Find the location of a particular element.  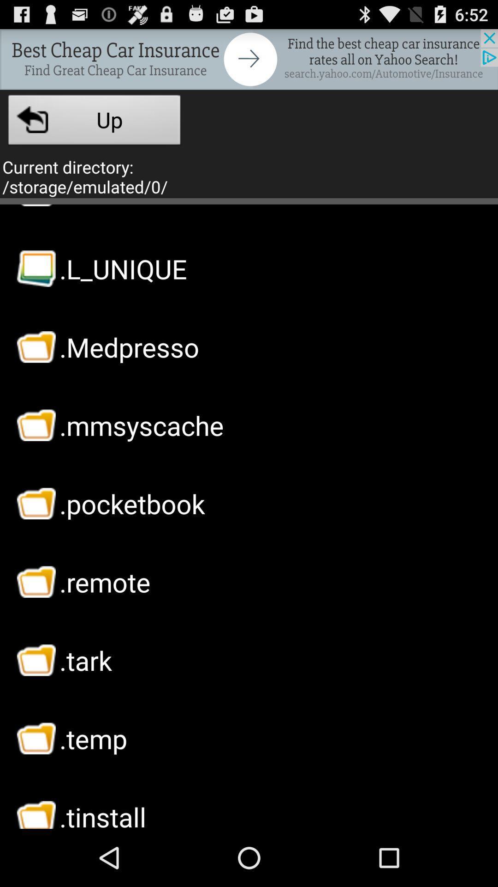

open advertisement is located at coordinates (249, 59).